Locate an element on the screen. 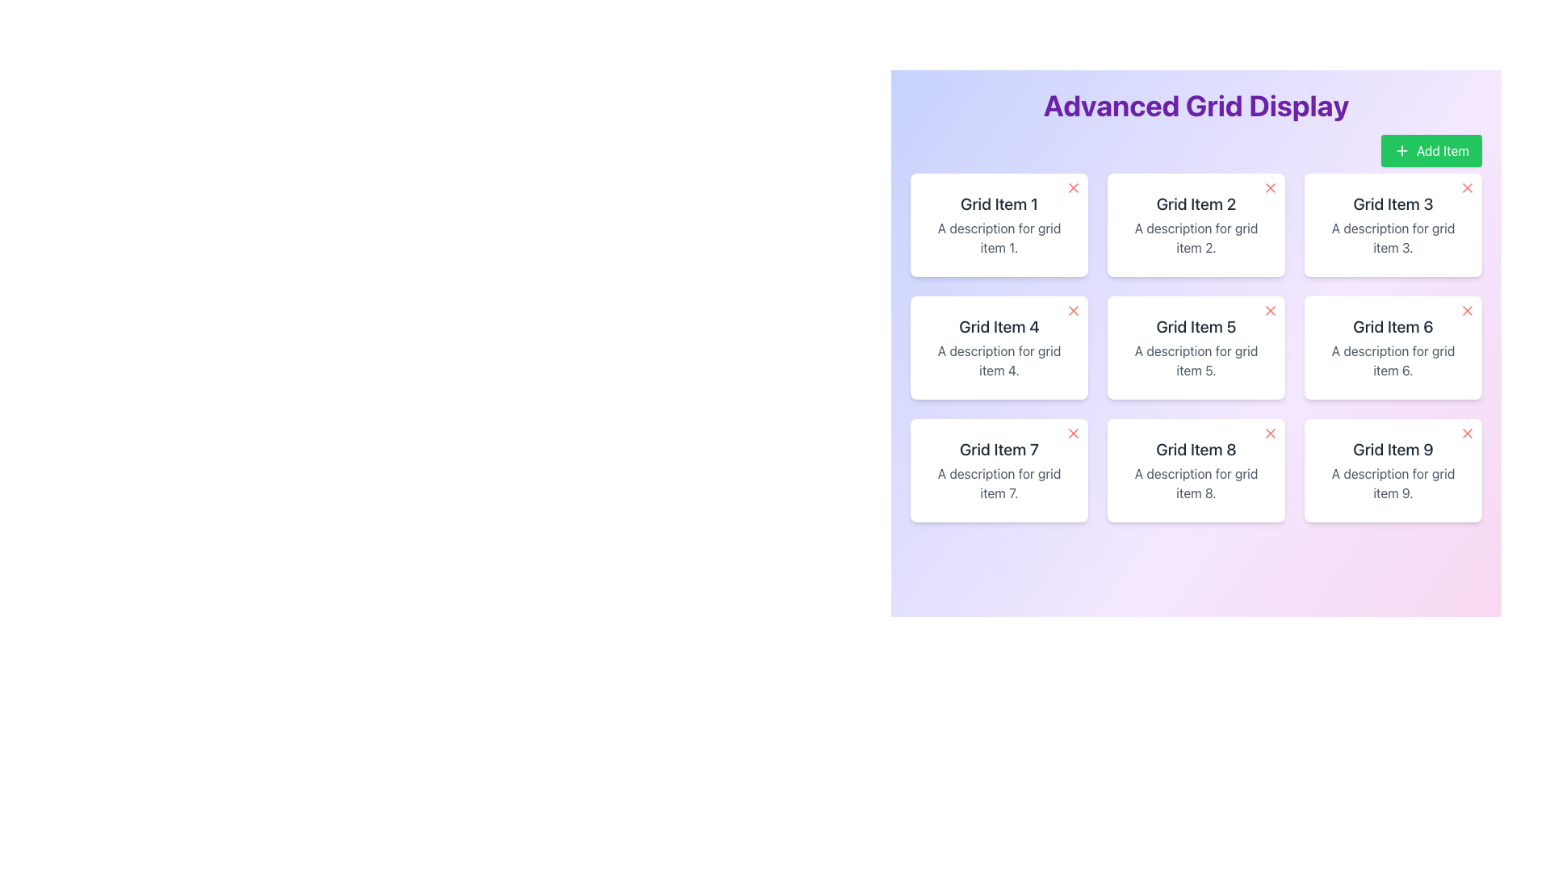  the Text Label which serves as the title of the sixth card in the first row of the grid layout, positioned above the description text is located at coordinates (1393, 327).